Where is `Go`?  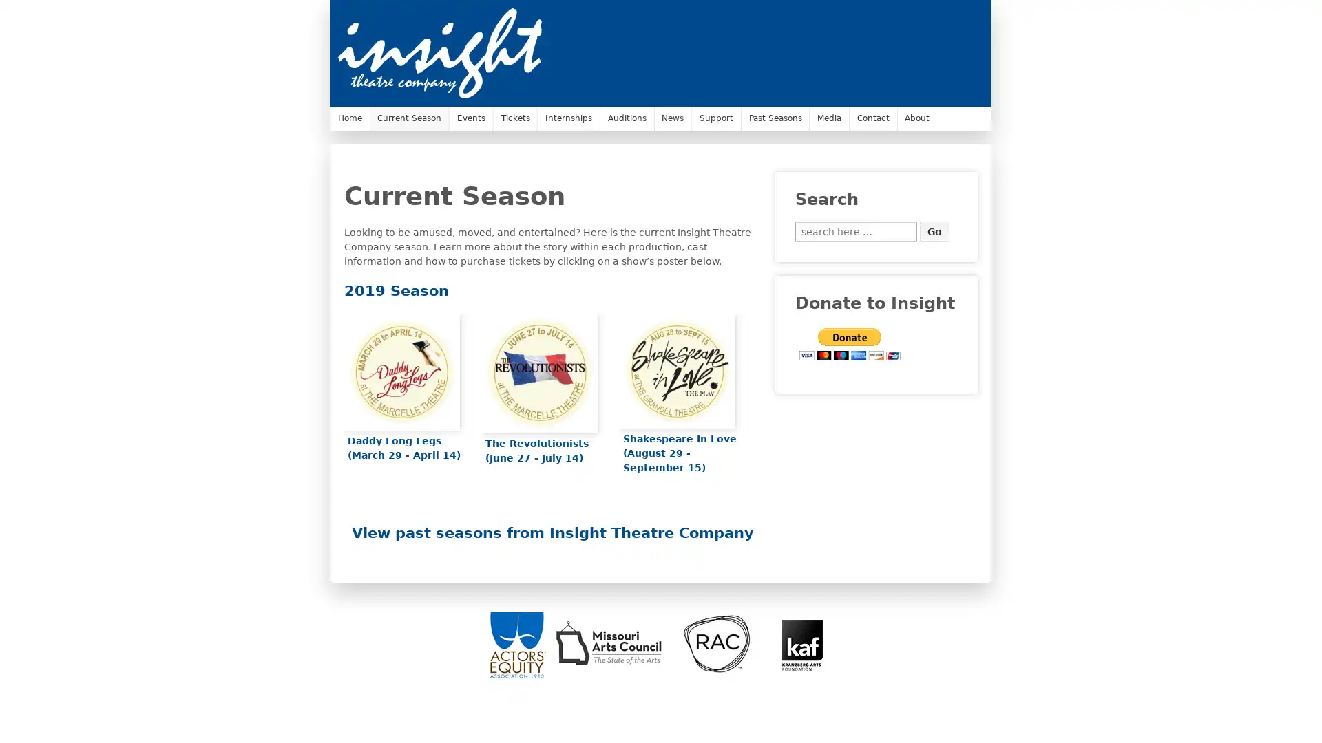
Go is located at coordinates (934, 230).